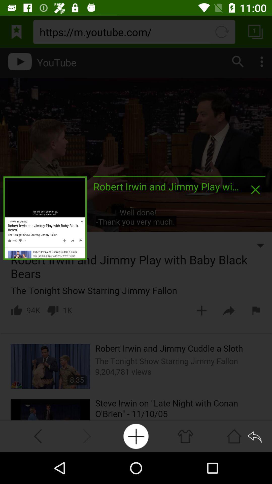 The image size is (272, 484). I want to click on share button, so click(255, 436).